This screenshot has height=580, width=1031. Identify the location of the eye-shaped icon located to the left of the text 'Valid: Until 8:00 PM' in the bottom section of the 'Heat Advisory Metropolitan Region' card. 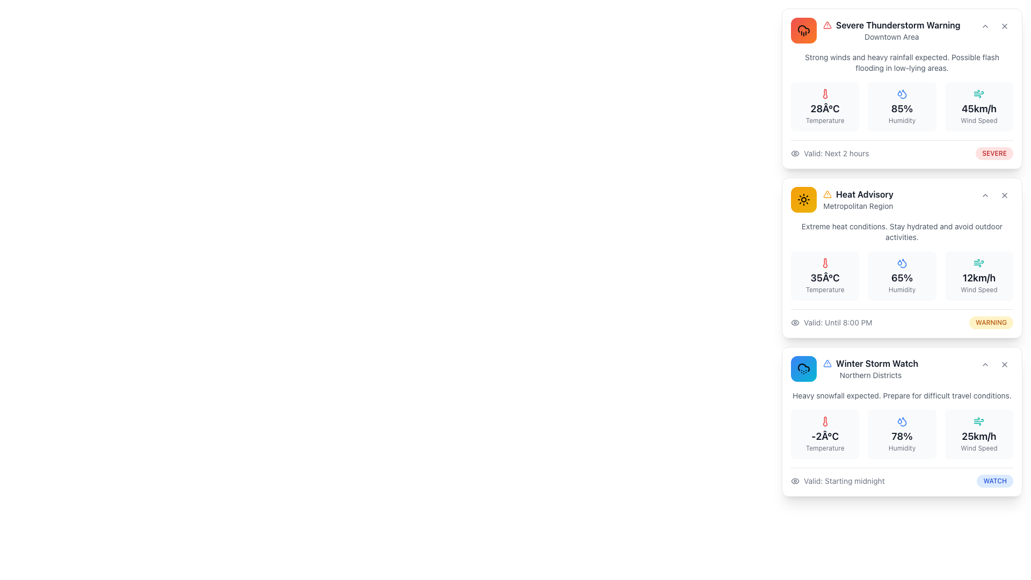
(795, 322).